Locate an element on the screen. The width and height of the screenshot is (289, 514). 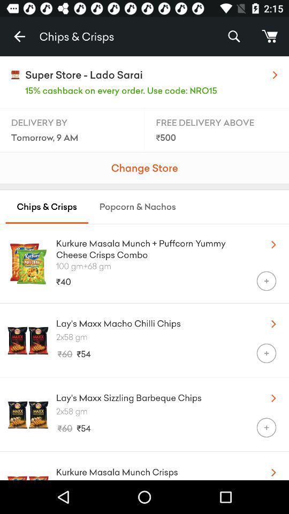
the icon below 2x58 gm item is located at coordinates (265, 427).